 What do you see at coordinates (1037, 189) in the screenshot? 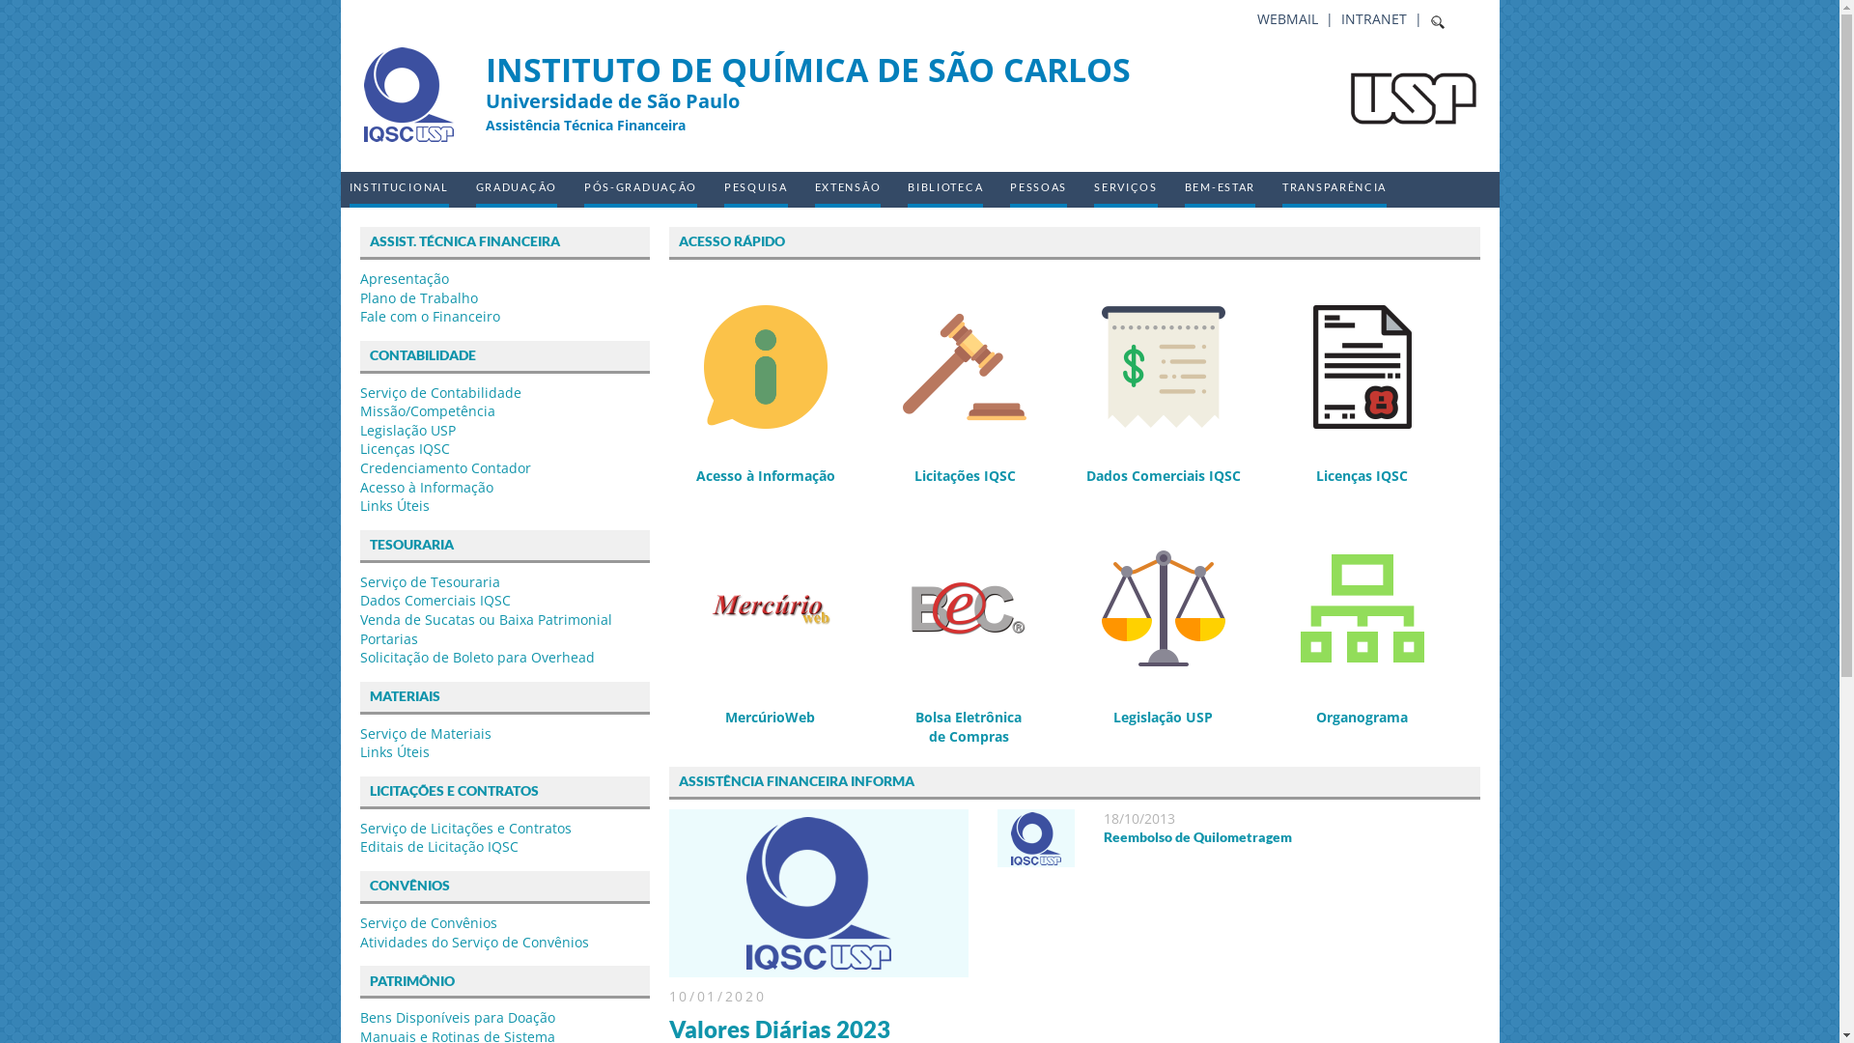
I see `'PESSOAS'` at bounding box center [1037, 189].